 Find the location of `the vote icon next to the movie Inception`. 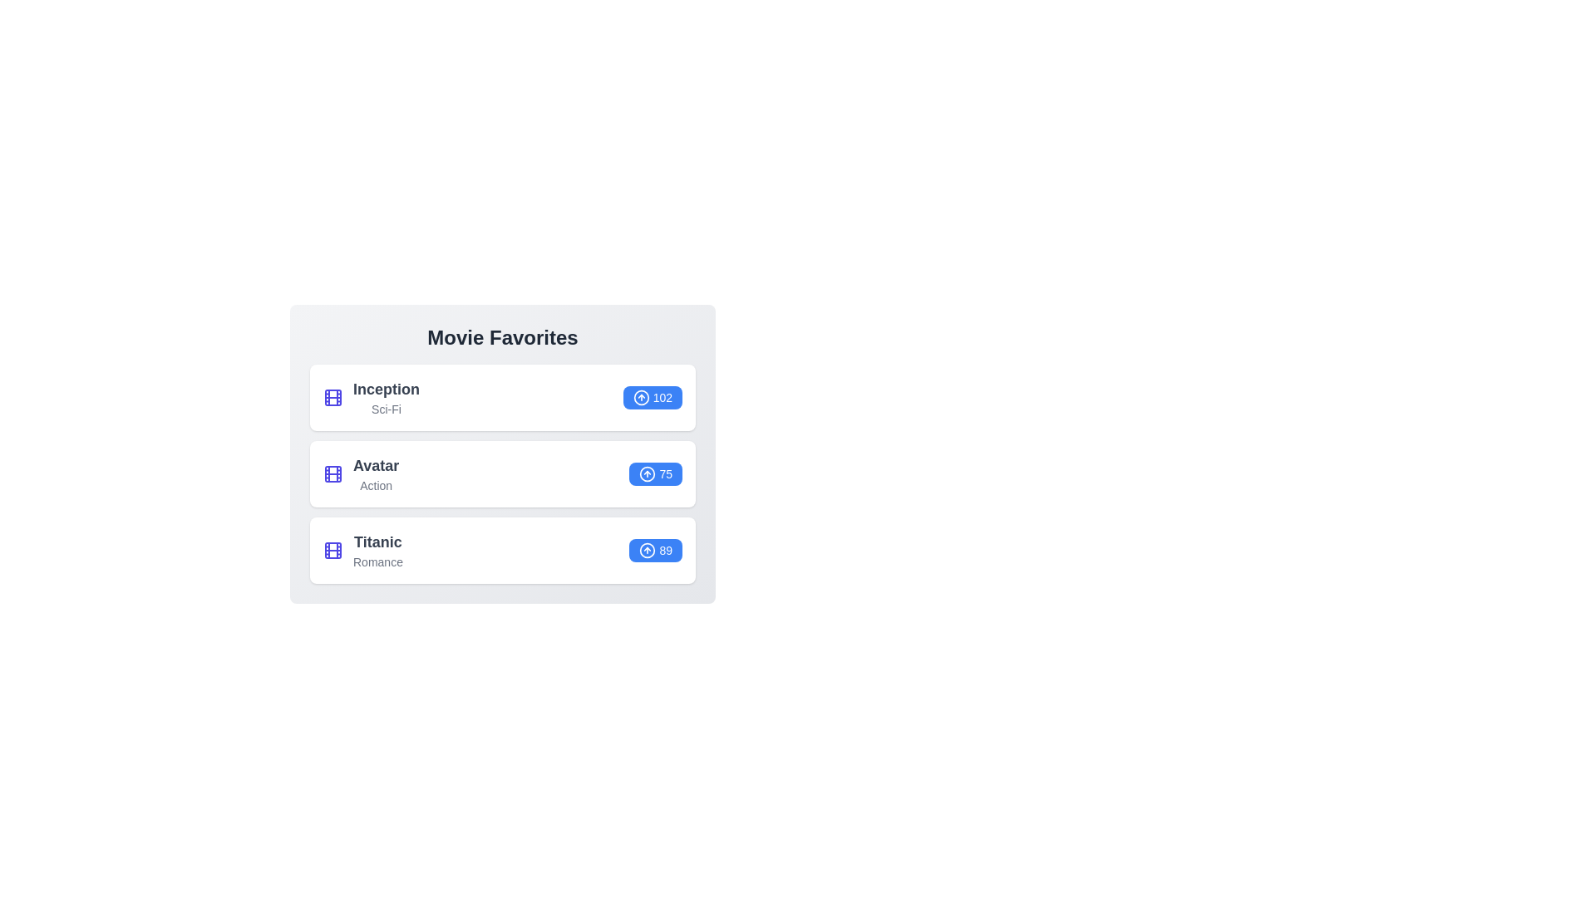

the vote icon next to the movie Inception is located at coordinates (640, 397).